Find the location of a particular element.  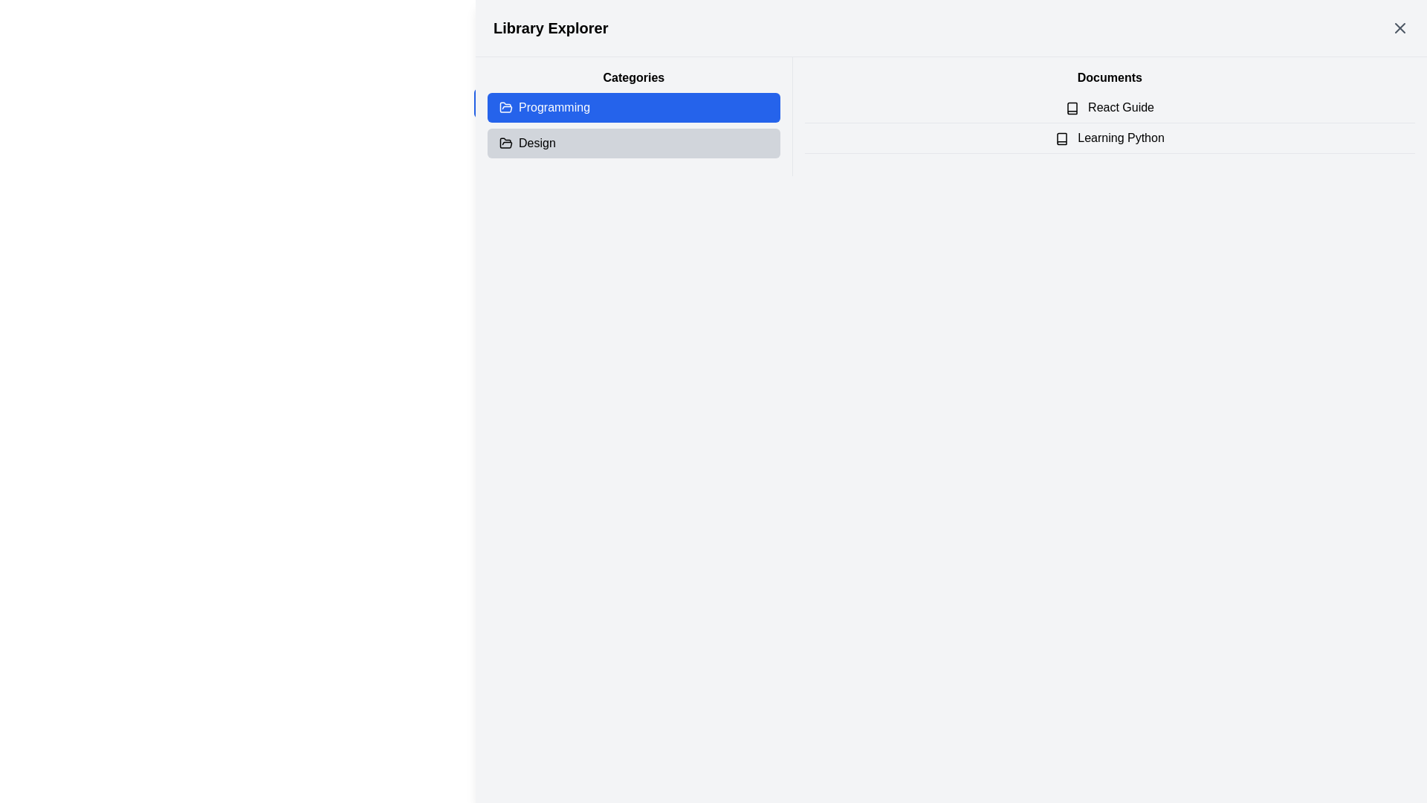

the text label displaying 'Learning Python' with a book icon to its left, located in the 'Documents' section under 'React Guide' is located at coordinates (1110, 138).